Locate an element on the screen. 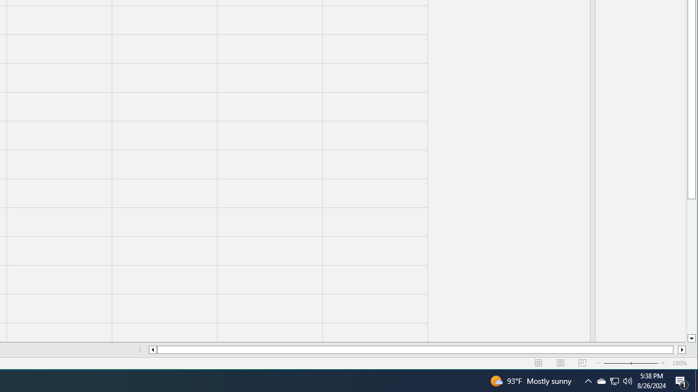 The image size is (698, 392). 'Notification Chevron' is located at coordinates (615, 380).